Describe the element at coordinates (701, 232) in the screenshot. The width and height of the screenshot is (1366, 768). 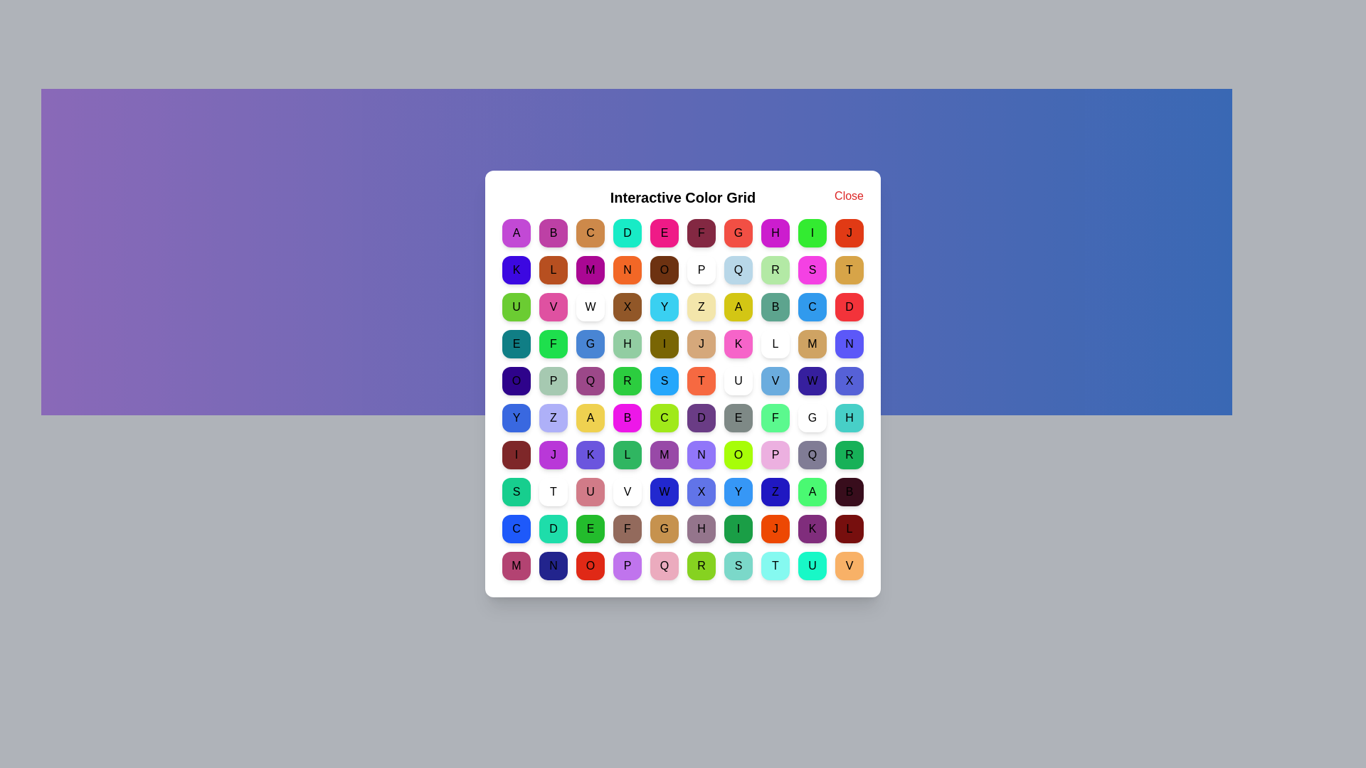
I see `the grid cell labeled F to view its color message` at that location.